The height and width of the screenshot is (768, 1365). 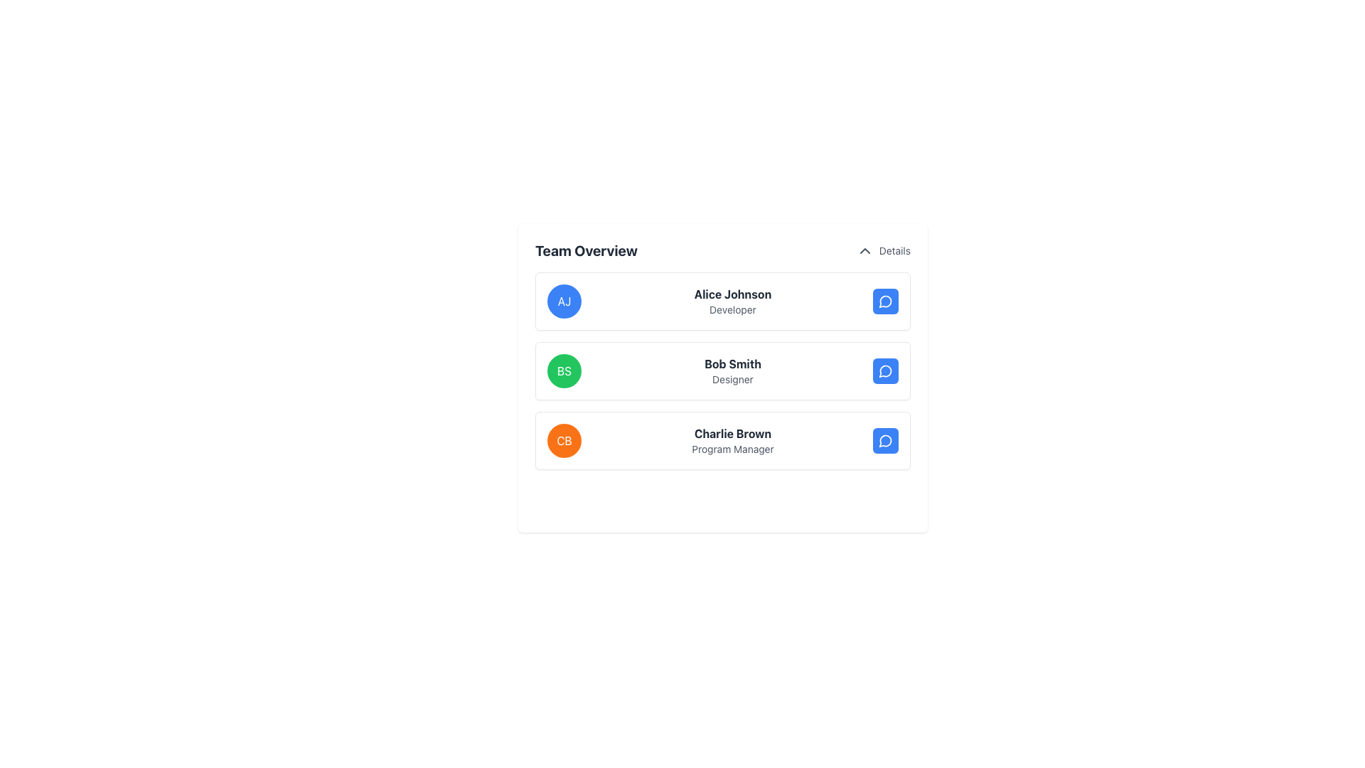 I want to click on the text label displaying 'Program Manager', which is aligned below 'Charlie Brown' in gray font, so click(x=733, y=449).